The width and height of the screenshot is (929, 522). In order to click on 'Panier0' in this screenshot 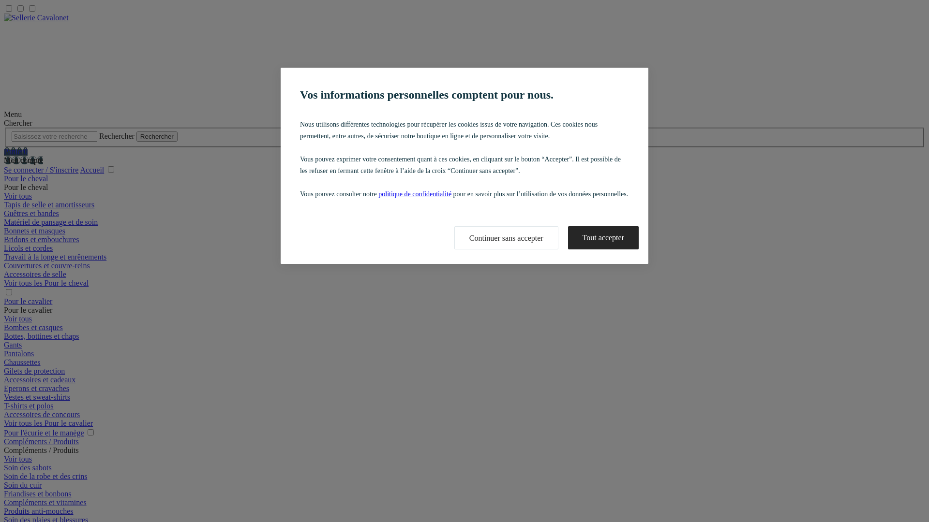, I will do `click(15, 151)`.